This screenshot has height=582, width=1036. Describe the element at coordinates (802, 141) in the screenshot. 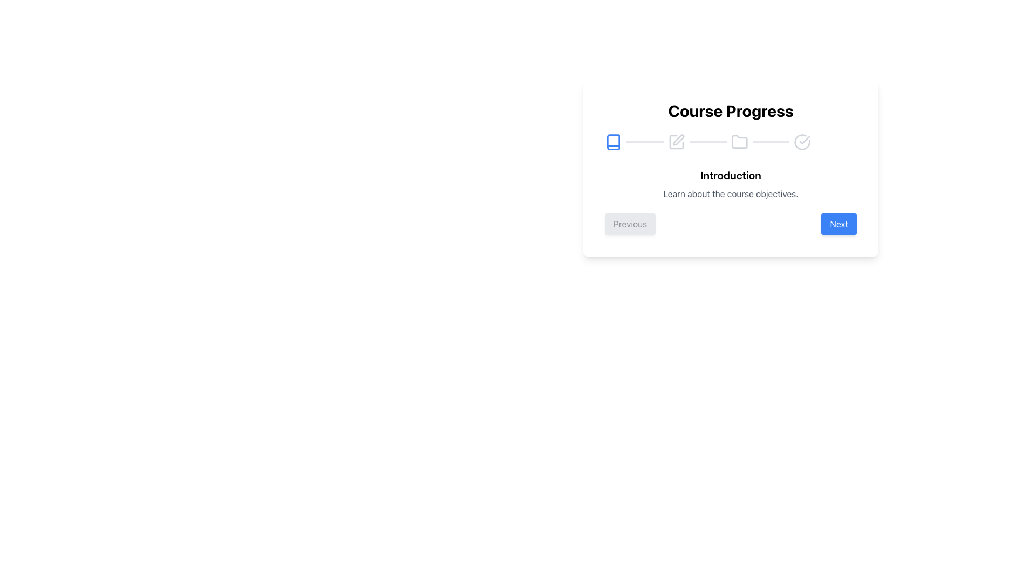

I see `the circular icon located at the rightmost position of the progress bar, which signifies the completion of a step in the sequence` at that location.